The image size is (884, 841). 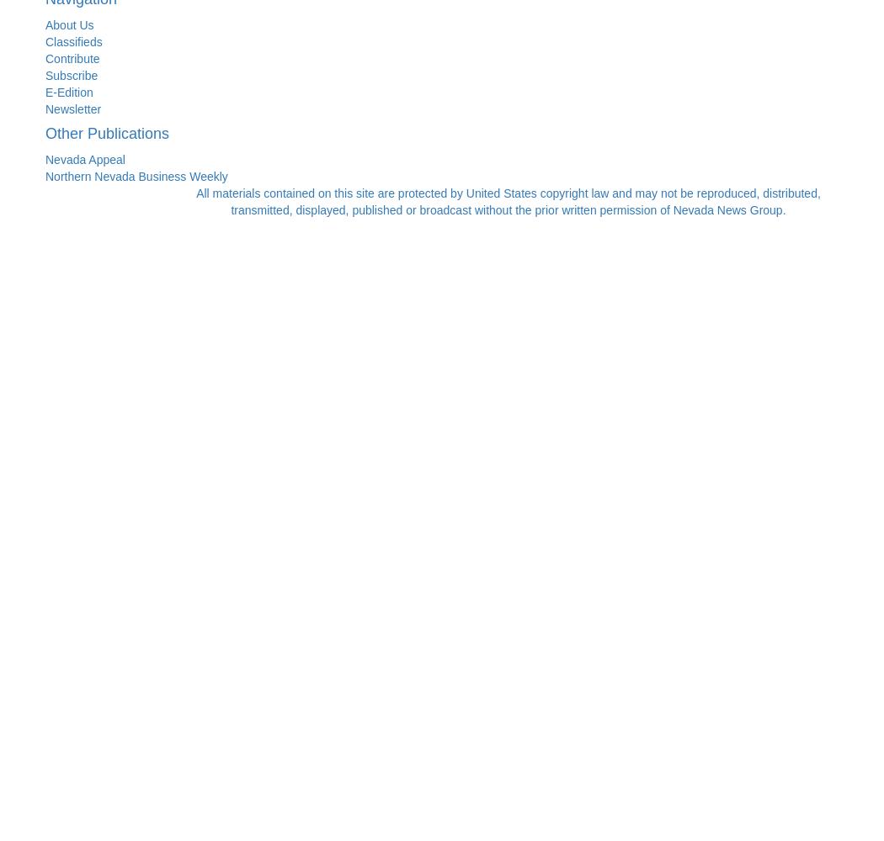 I want to click on 'Northern Nevada Business Weekly', so click(x=136, y=175).